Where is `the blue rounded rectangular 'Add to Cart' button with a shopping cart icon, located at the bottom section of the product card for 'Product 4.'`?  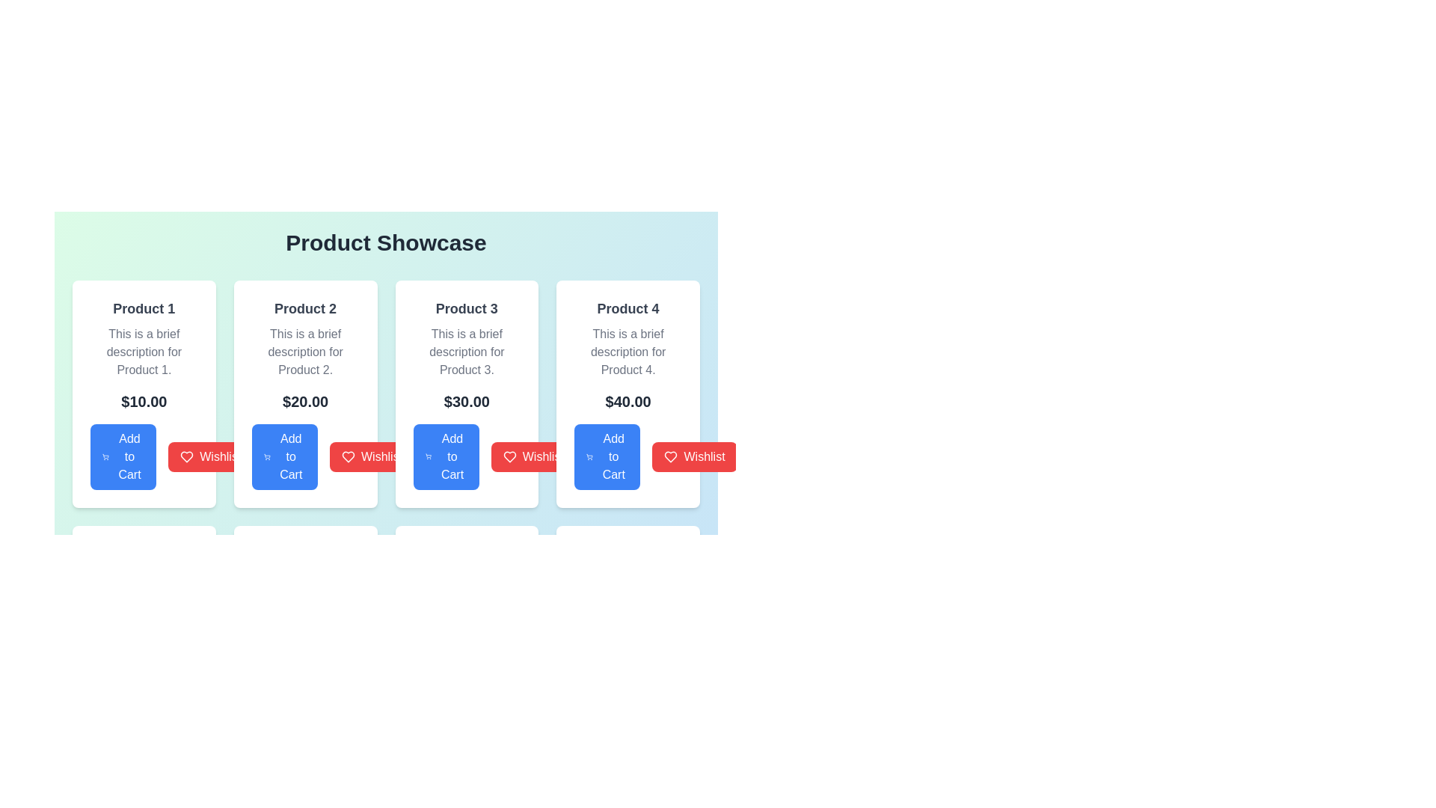 the blue rounded rectangular 'Add to Cart' button with a shopping cart icon, located at the bottom section of the product card for 'Product 4.' is located at coordinates (607, 456).